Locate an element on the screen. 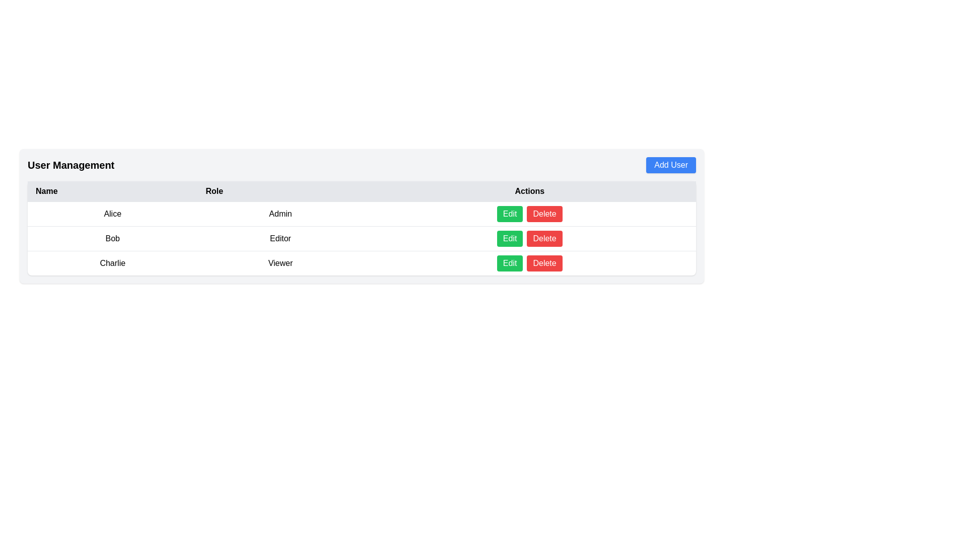 This screenshot has height=544, width=967. the 'Edit' button, which is a rectangular button with white text on a green background located in the 'Actions' column of a table, to initiate the editing process is located at coordinates (510, 239).